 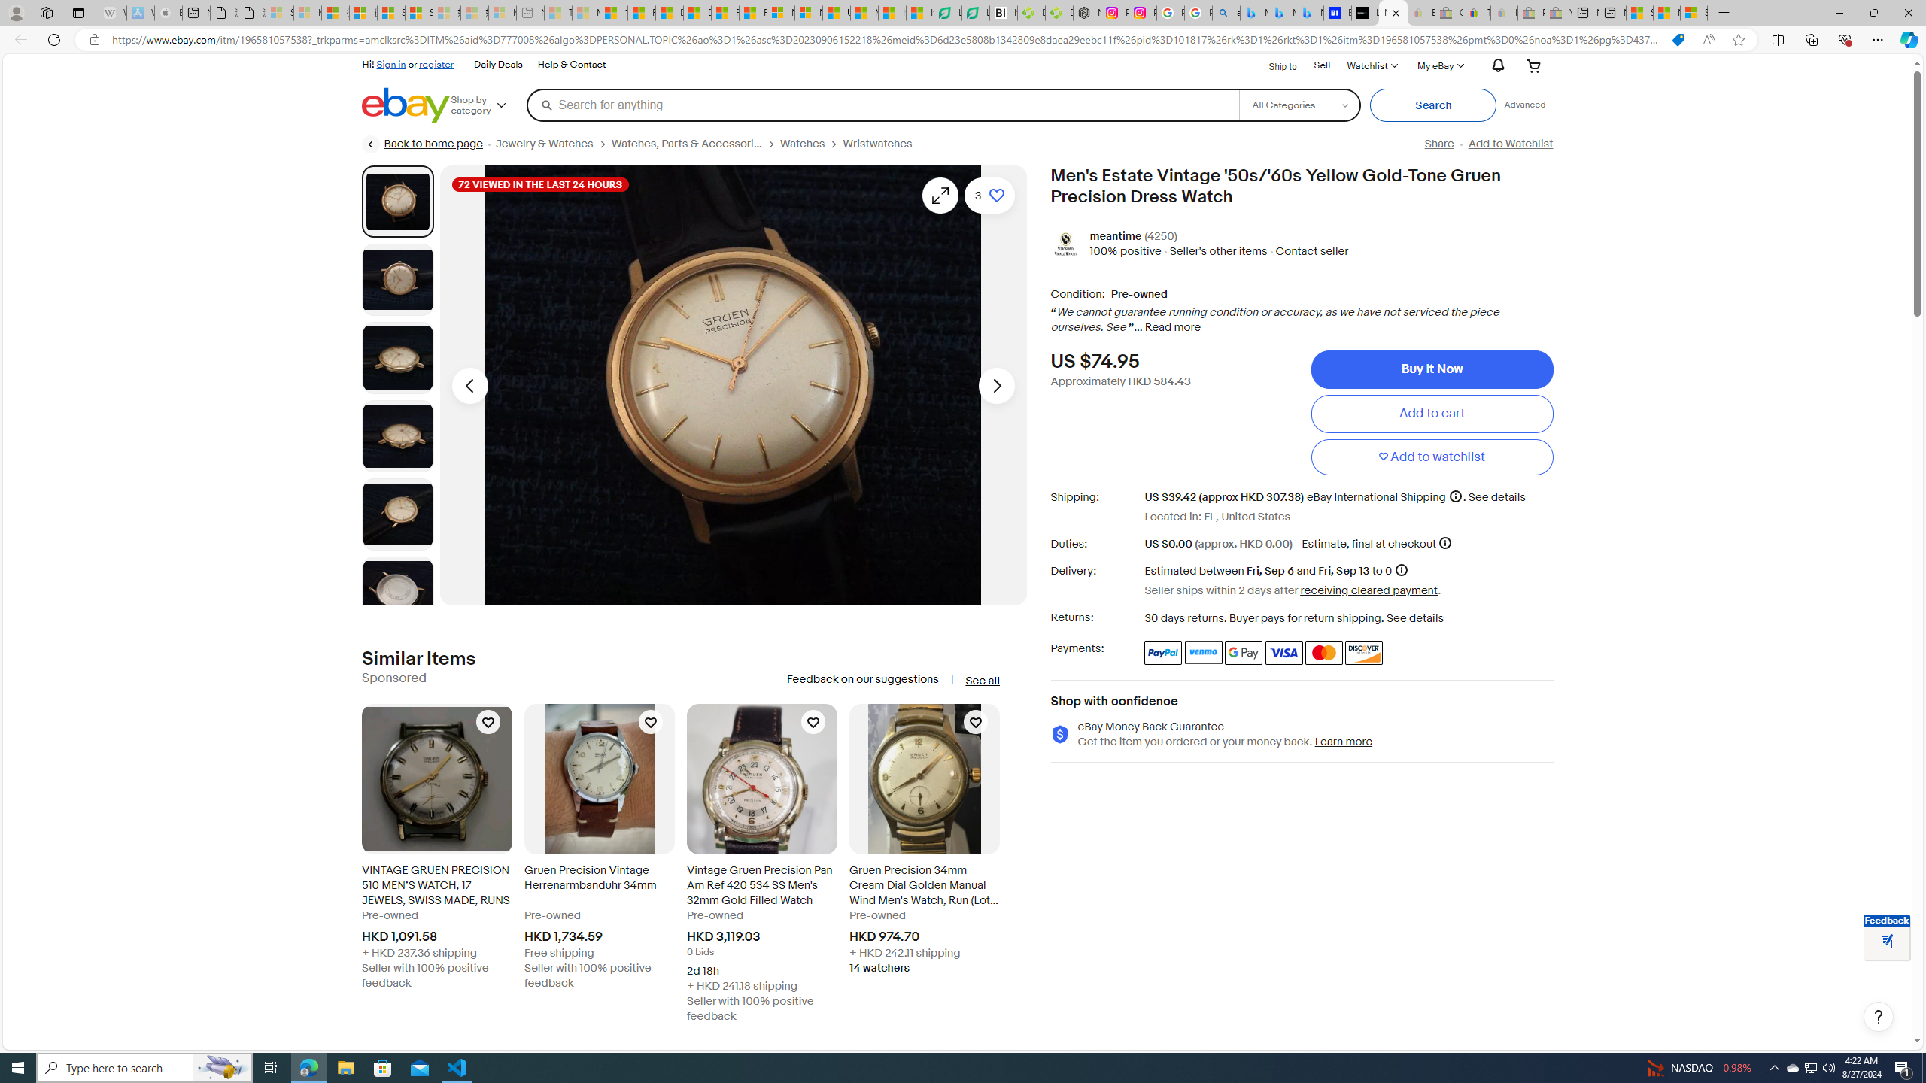 I want to click on 'Top Stories - MSN - Sleeping', so click(x=557, y=12).